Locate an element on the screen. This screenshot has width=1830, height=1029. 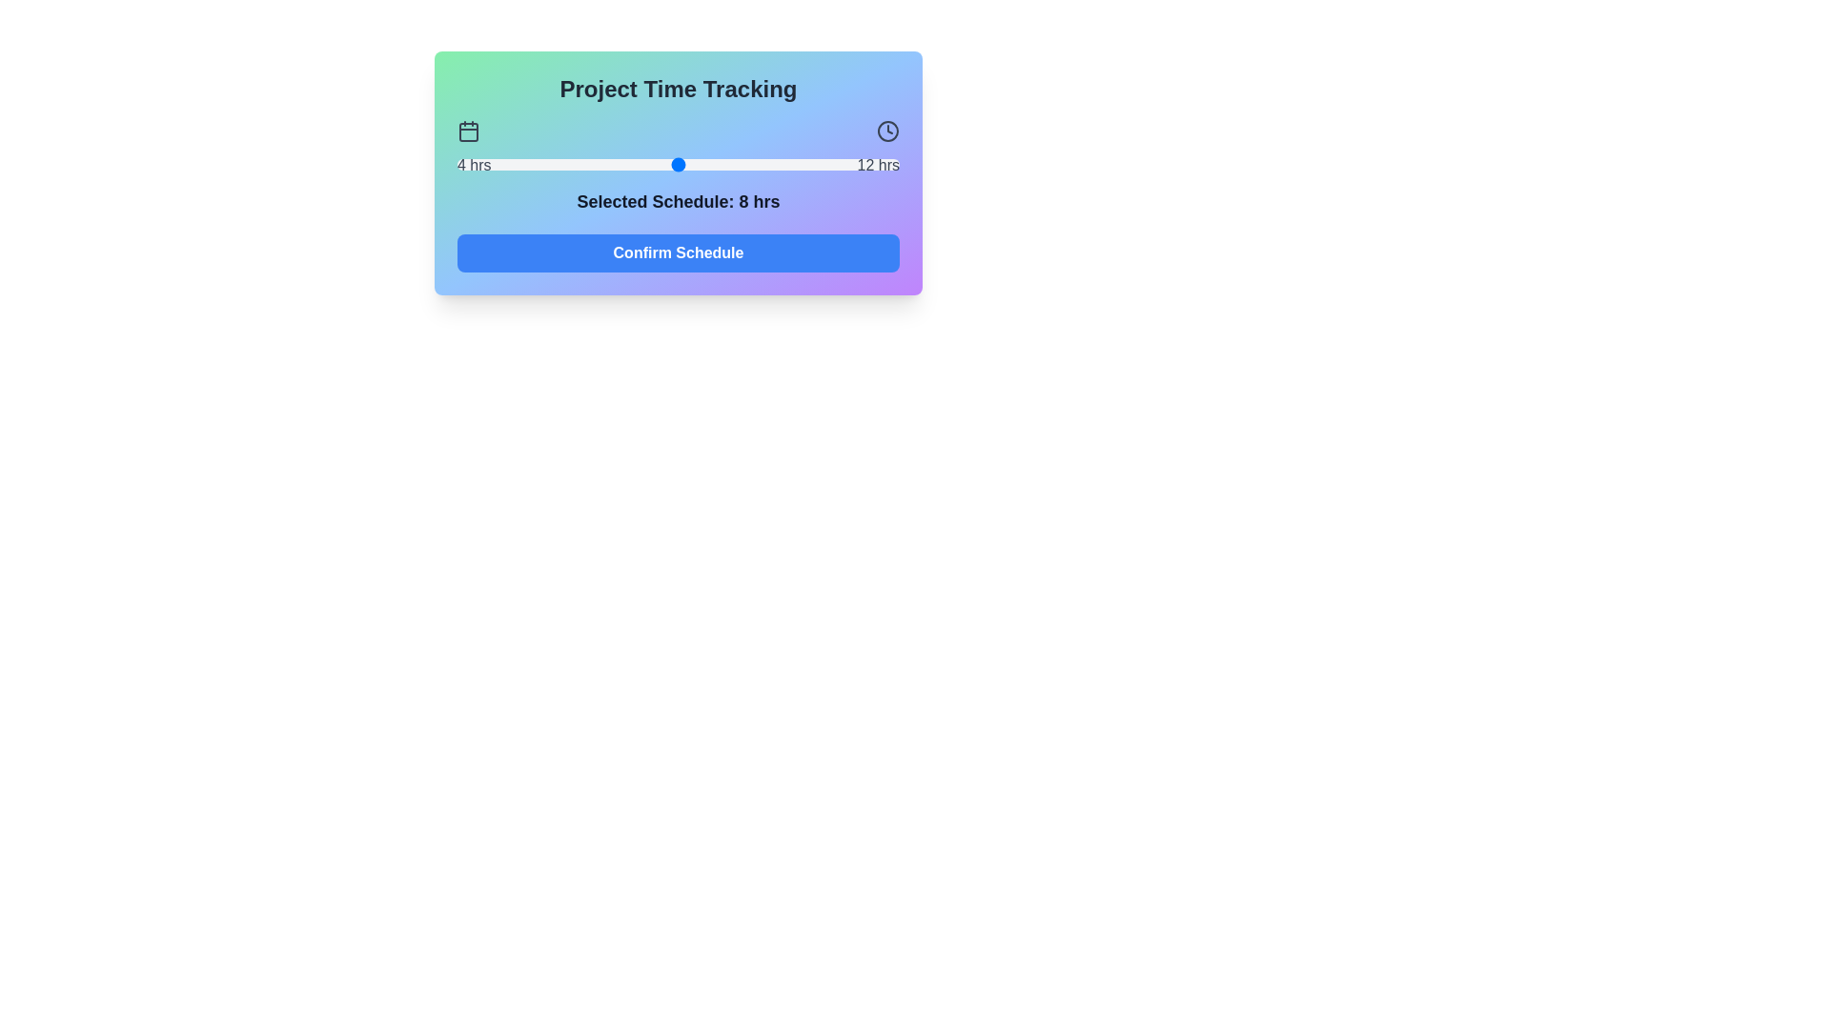
the calendar icon to interact with it is located at coordinates (468, 131).